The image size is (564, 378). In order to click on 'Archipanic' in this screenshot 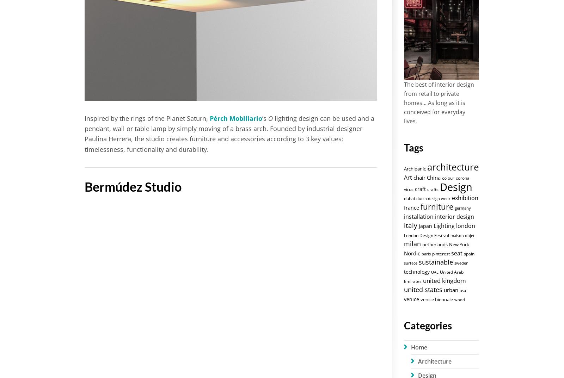, I will do `click(415, 168)`.